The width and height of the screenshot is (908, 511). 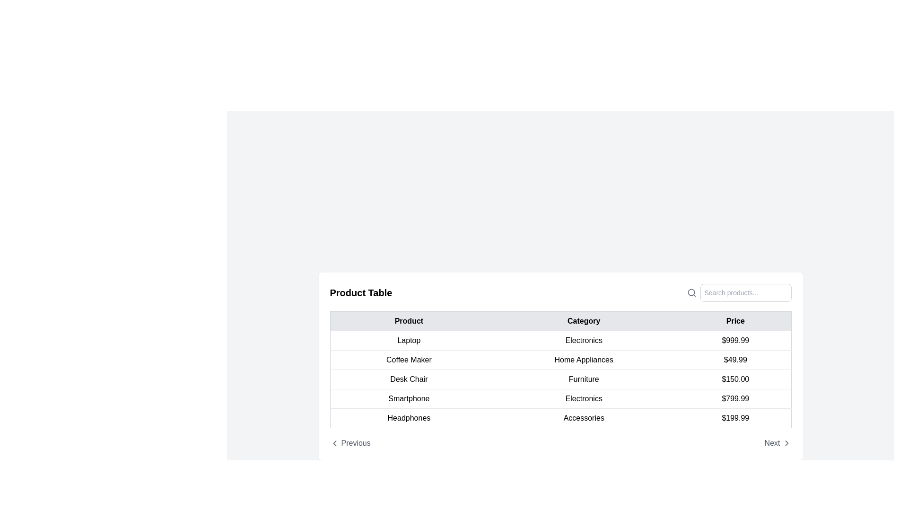 I want to click on the right-facing chevron icon button styled as an SVG, which is positioned in the bottom-right corner of the interface, so click(x=786, y=443).